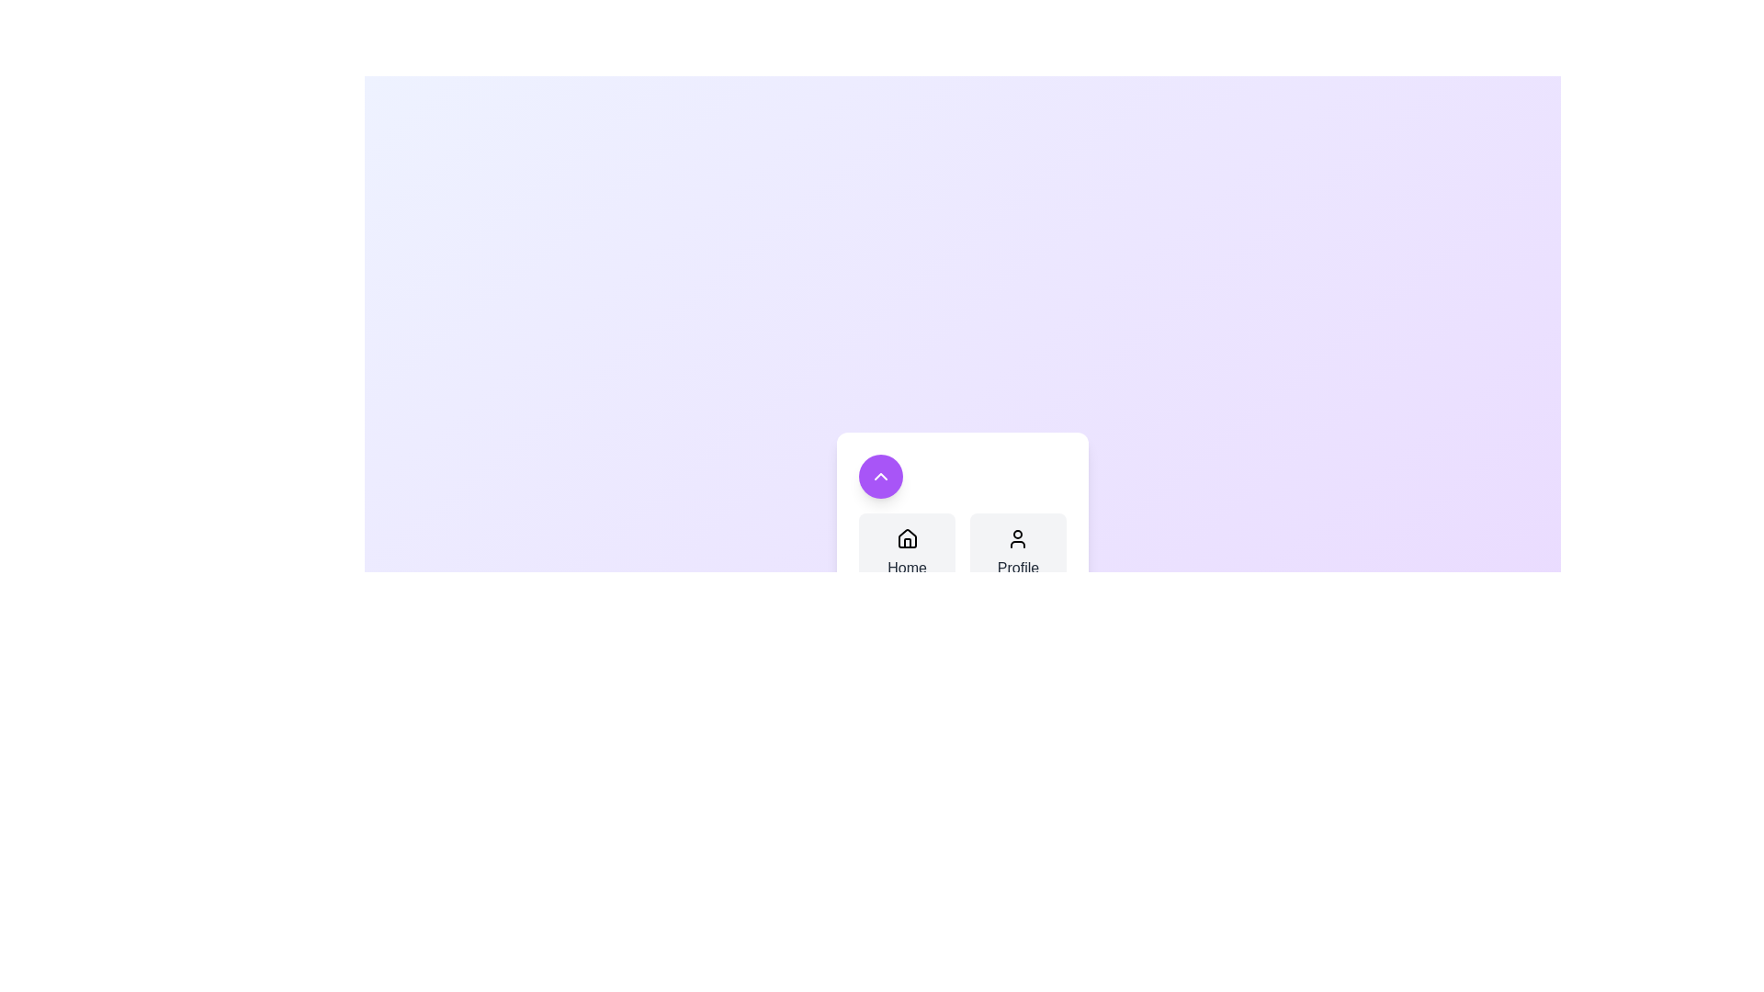 Image resolution: width=1764 pixels, height=992 pixels. Describe the element at coordinates (907, 552) in the screenshot. I see `the action button labeled Home in the expanded menu` at that location.